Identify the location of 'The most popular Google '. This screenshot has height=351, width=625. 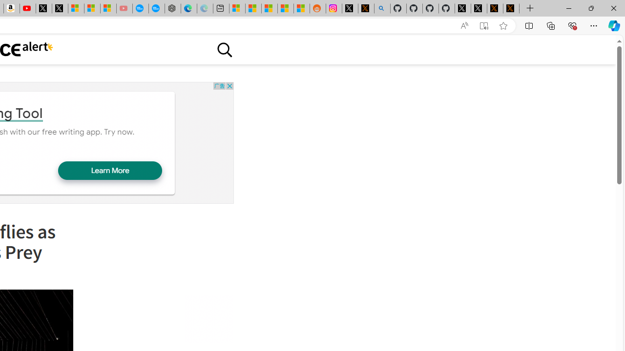
(156, 8).